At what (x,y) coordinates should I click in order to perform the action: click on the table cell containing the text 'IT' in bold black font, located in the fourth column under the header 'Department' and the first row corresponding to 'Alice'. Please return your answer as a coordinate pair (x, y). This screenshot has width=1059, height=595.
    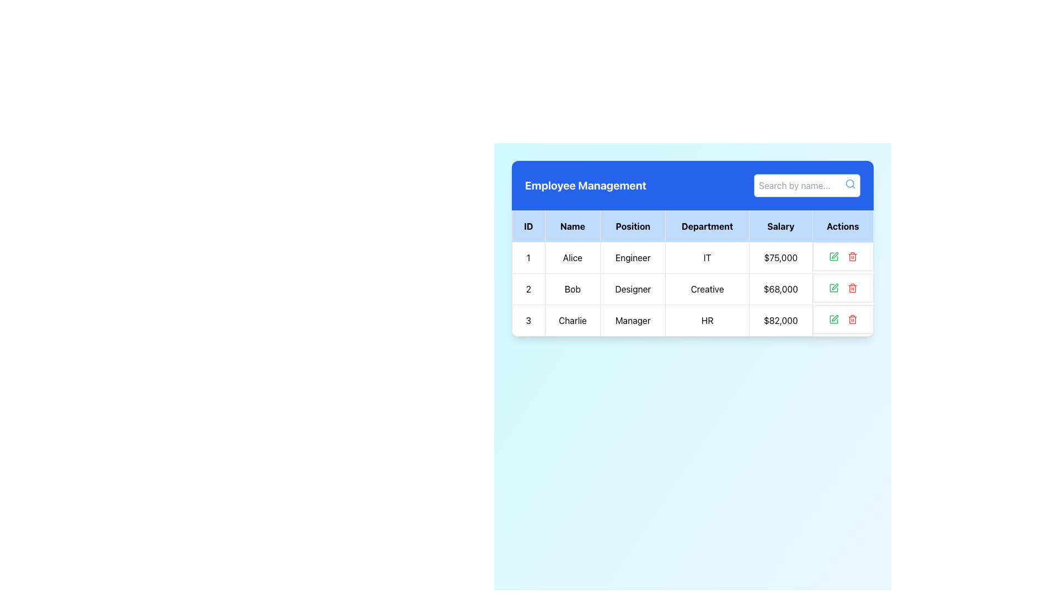
    Looking at the image, I should click on (707, 257).